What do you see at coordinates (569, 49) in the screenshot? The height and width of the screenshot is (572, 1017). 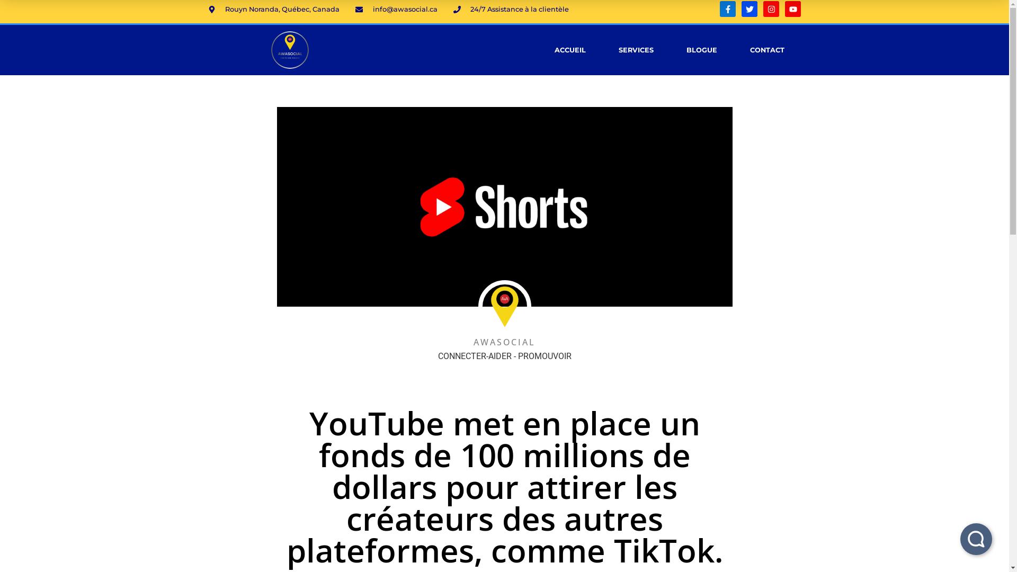 I see `'ACCUEIL'` at bounding box center [569, 49].